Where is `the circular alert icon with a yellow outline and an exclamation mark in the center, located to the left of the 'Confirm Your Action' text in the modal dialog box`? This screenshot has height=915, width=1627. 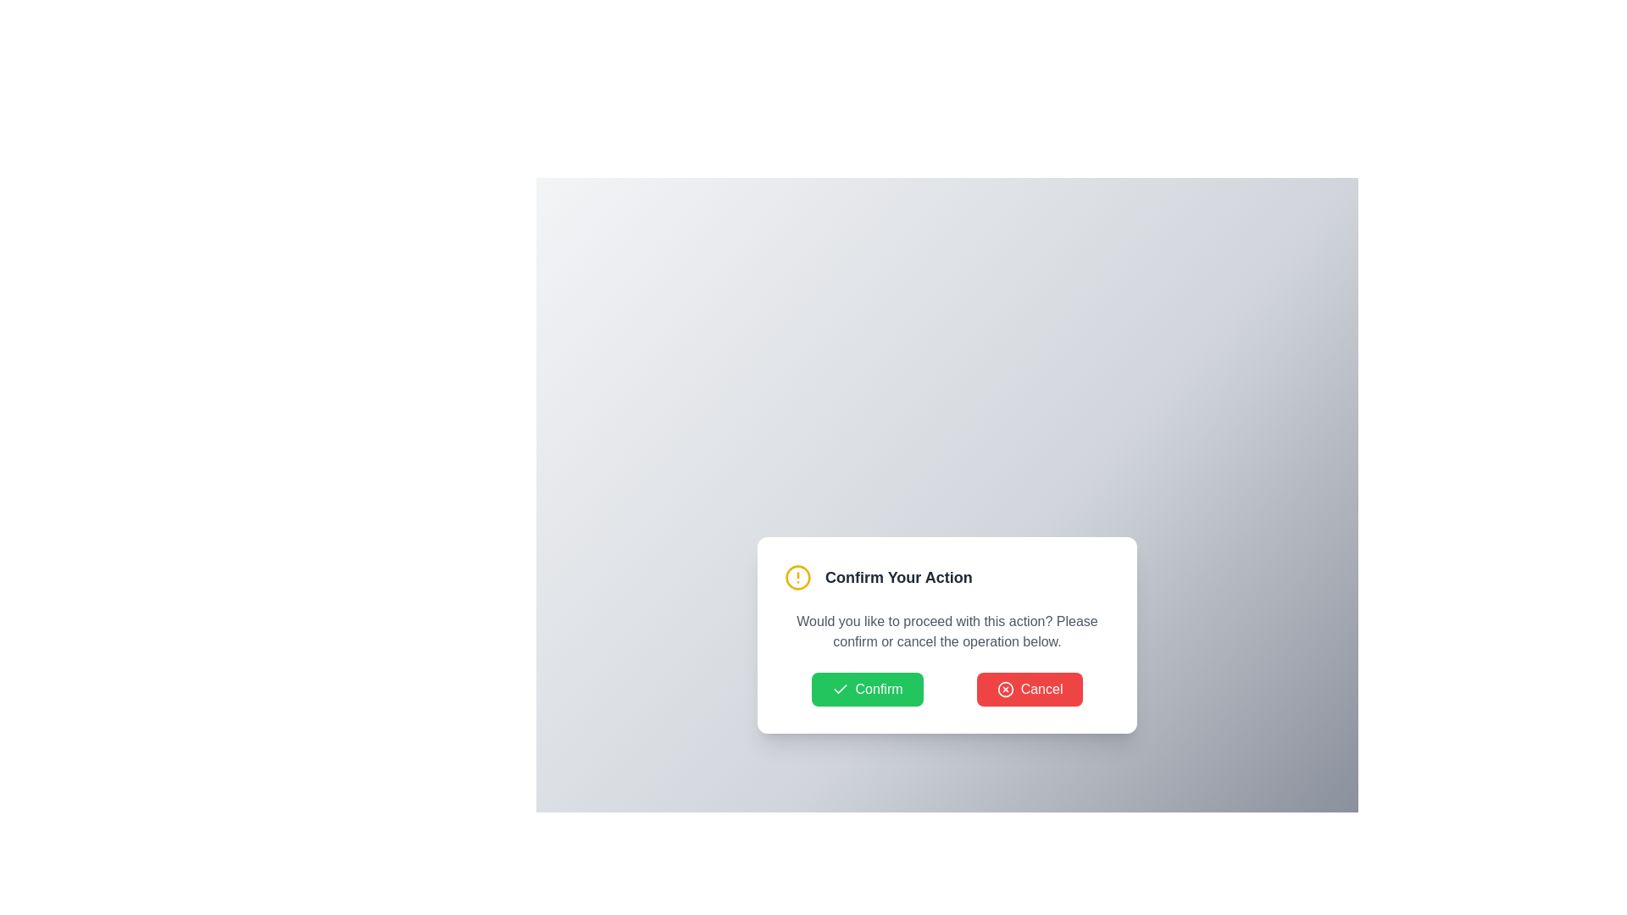
the circular alert icon with a yellow outline and an exclamation mark in the center, located to the left of the 'Confirm Your Action' text in the modal dialog box is located at coordinates (797, 577).